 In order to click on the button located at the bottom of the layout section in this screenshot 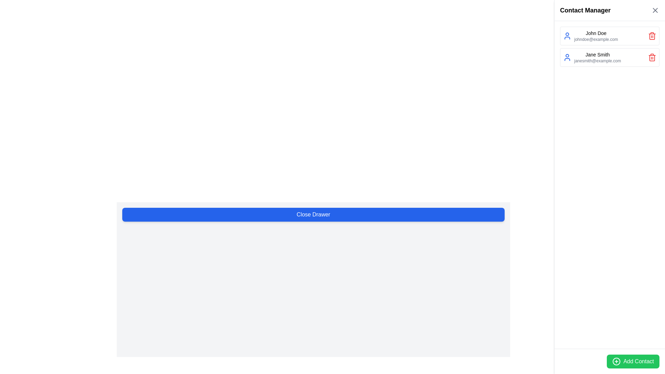, I will do `click(313, 214)`.